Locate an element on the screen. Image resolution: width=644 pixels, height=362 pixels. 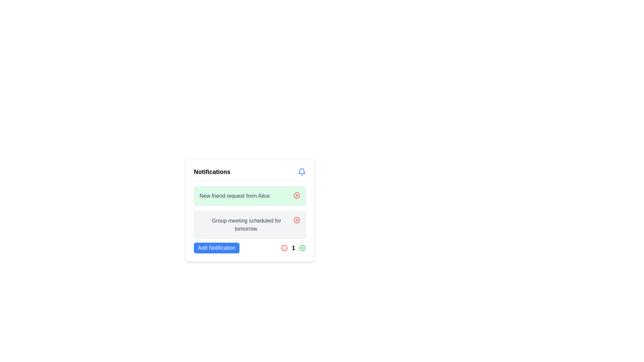
the icon button located in the bottom-right corner of the interactive notification panel to decrease a count or remove an item is located at coordinates (284, 248).